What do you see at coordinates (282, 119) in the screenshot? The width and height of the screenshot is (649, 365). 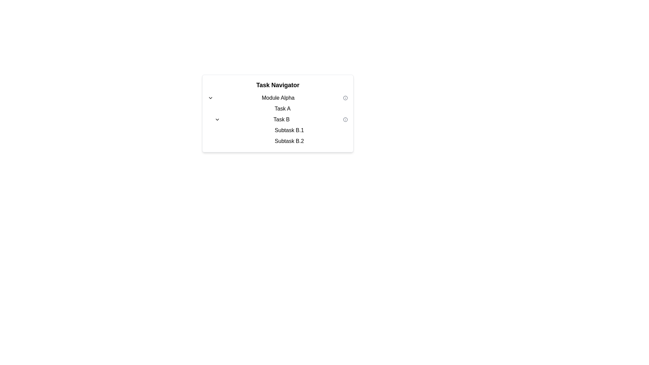 I see `the 'Task B' text label` at bounding box center [282, 119].